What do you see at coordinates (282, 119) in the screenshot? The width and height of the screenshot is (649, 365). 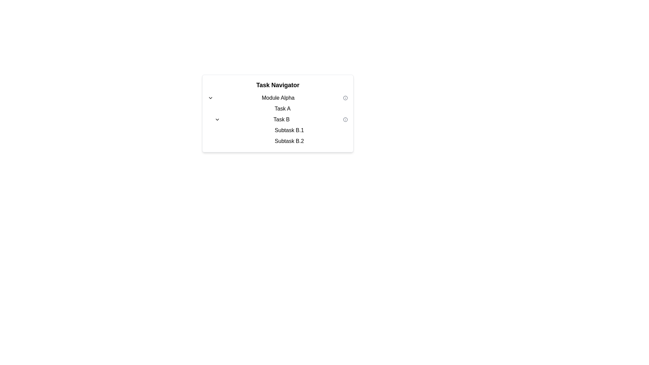 I see `the 'Task B' text label` at bounding box center [282, 119].